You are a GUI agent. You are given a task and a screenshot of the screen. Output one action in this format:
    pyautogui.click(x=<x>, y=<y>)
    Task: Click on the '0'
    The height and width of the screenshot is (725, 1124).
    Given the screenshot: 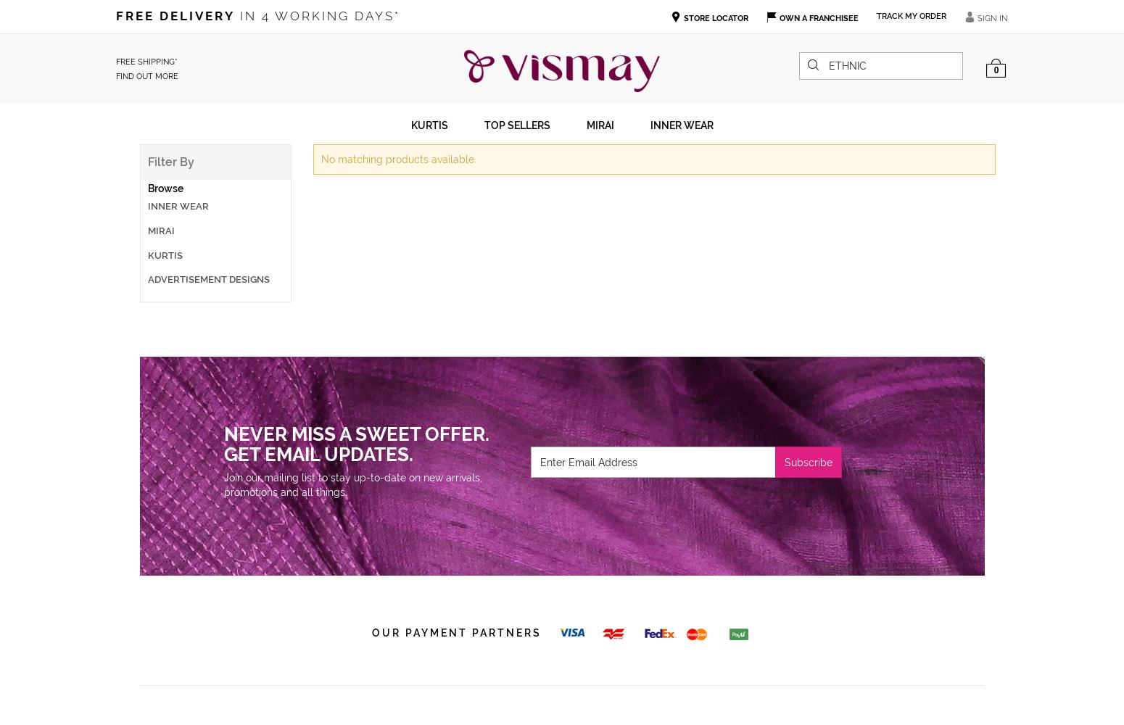 What is the action you would take?
    pyautogui.click(x=993, y=70)
    